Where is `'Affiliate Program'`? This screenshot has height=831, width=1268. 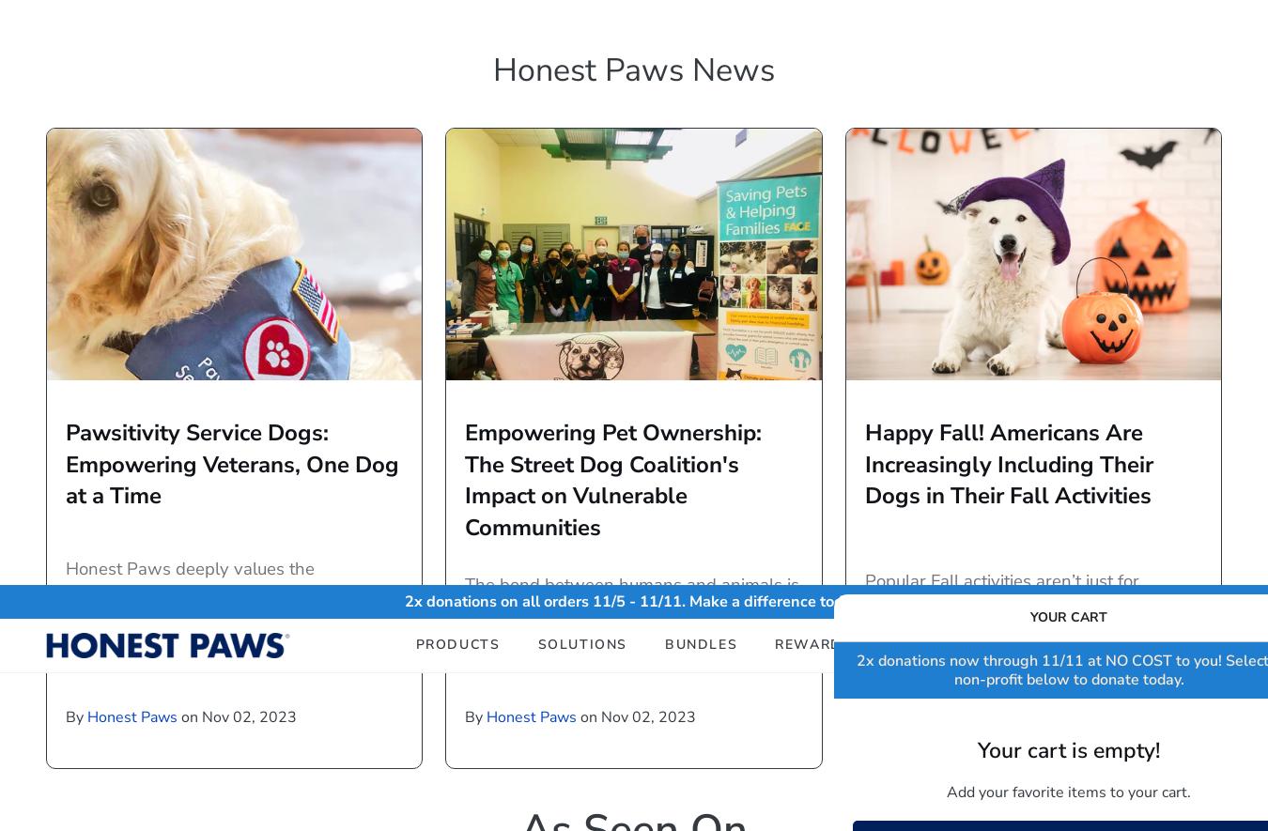
'Affiliate Program' is located at coordinates (958, 679).